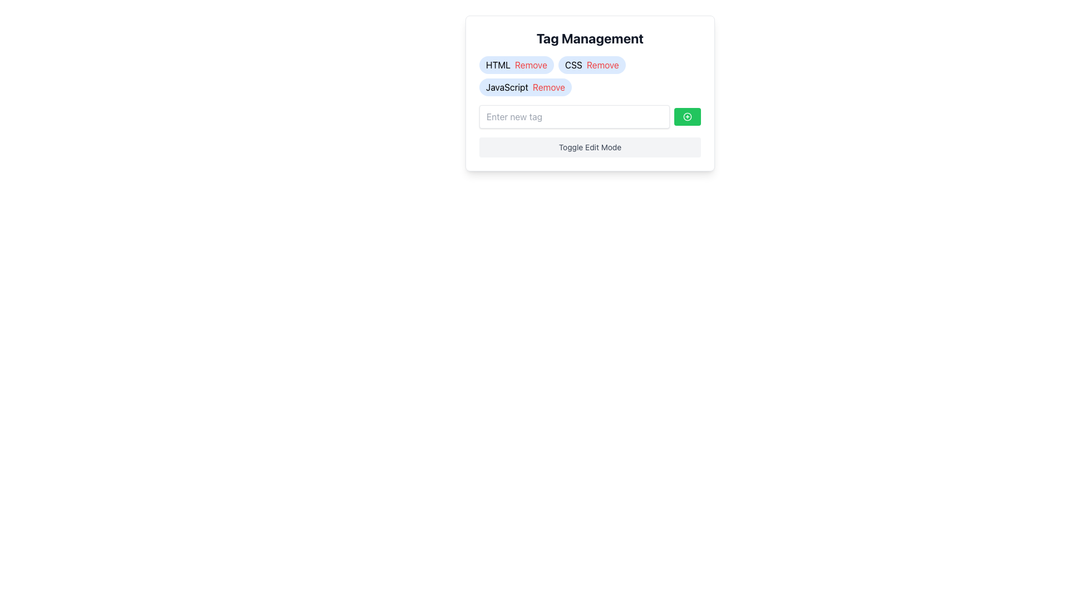  Describe the element at coordinates (591, 65) in the screenshot. I see `the 'CSS' badge, which is the second badge in the 'Tag Management' section, for rearrangement` at that location.